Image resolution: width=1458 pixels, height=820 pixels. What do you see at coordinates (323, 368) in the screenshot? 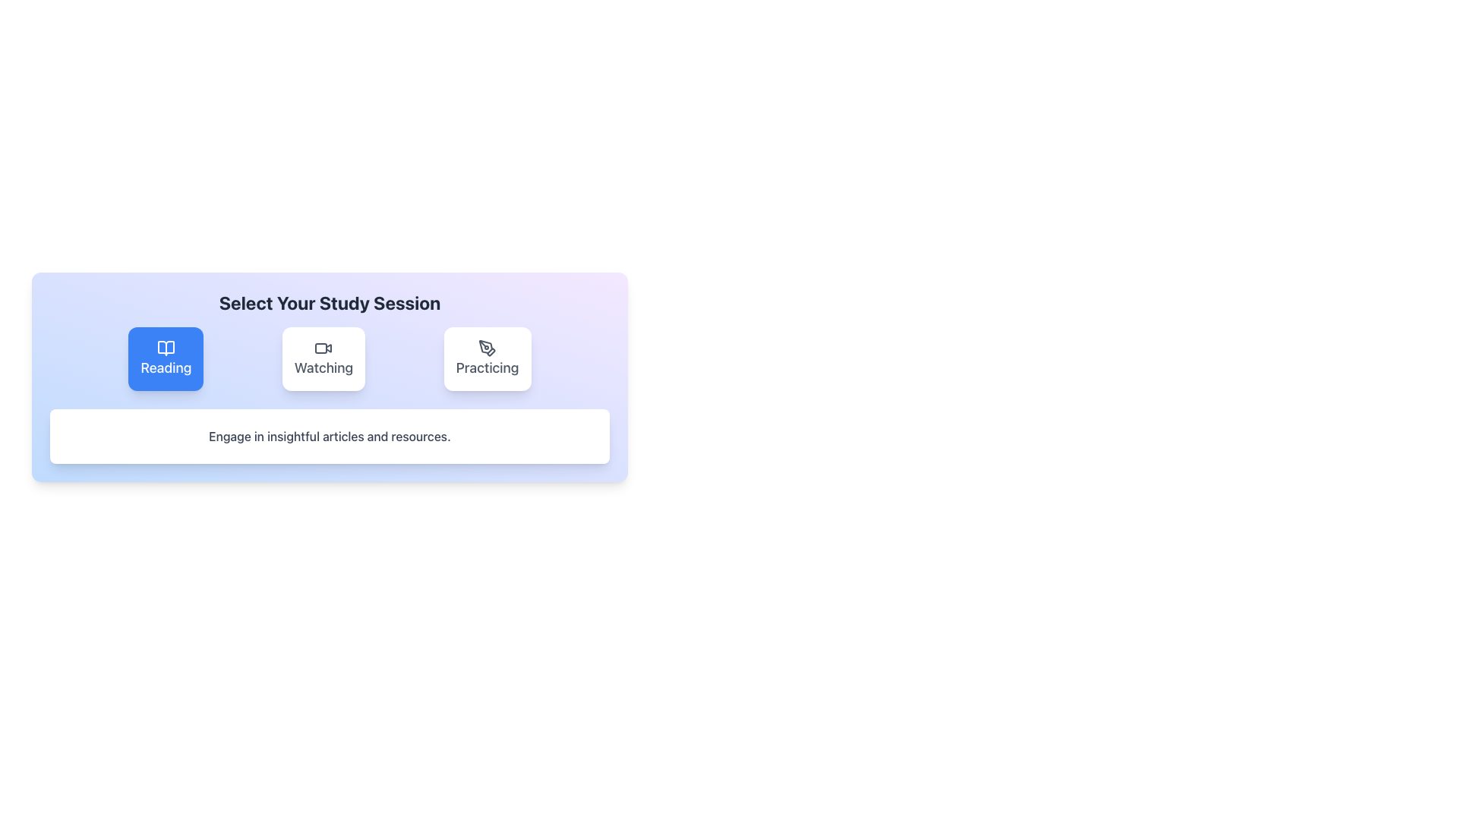
I see `the 'Watching' text label positioned at the bottom of the central card in the 3-card layout, which clarifies the purpose of the associated button` at bounding box center [323, 368].